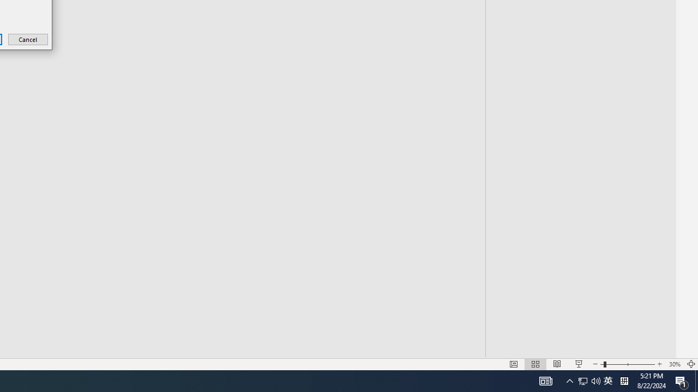 This screenshot has width=698, height=392. What do you see at coordinates (601, 364) in the screenshot?
I see `'Slide Show'` at bounding box center [601, 364].